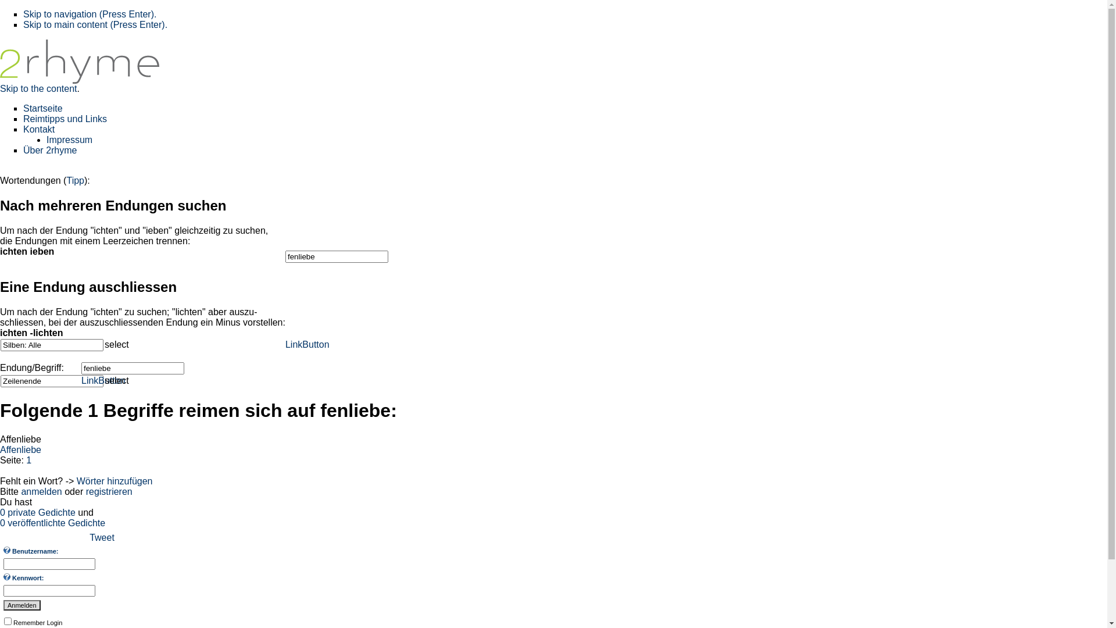 The height and width of the screenshot is (628, 1116). Describe the element at coordinates (79, 80) in the screenshot. I see `'2rhyme - Das deutsche Reimlexikon'` at that location.